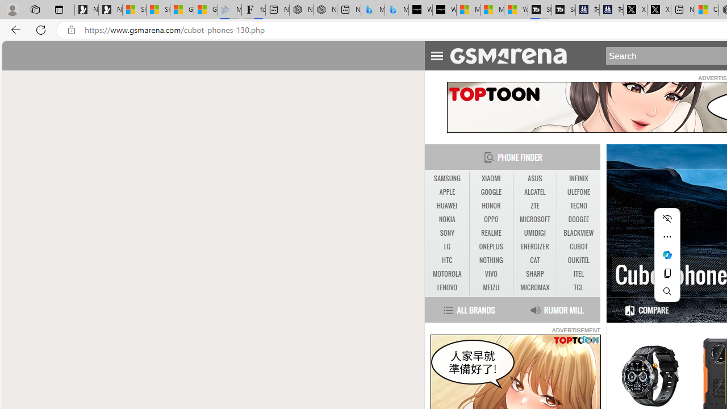 This screenshot has width=727, height=409. Describe the element at coordinates (491, 287) in the screenshot. I see `'MEIZU'` at that location.